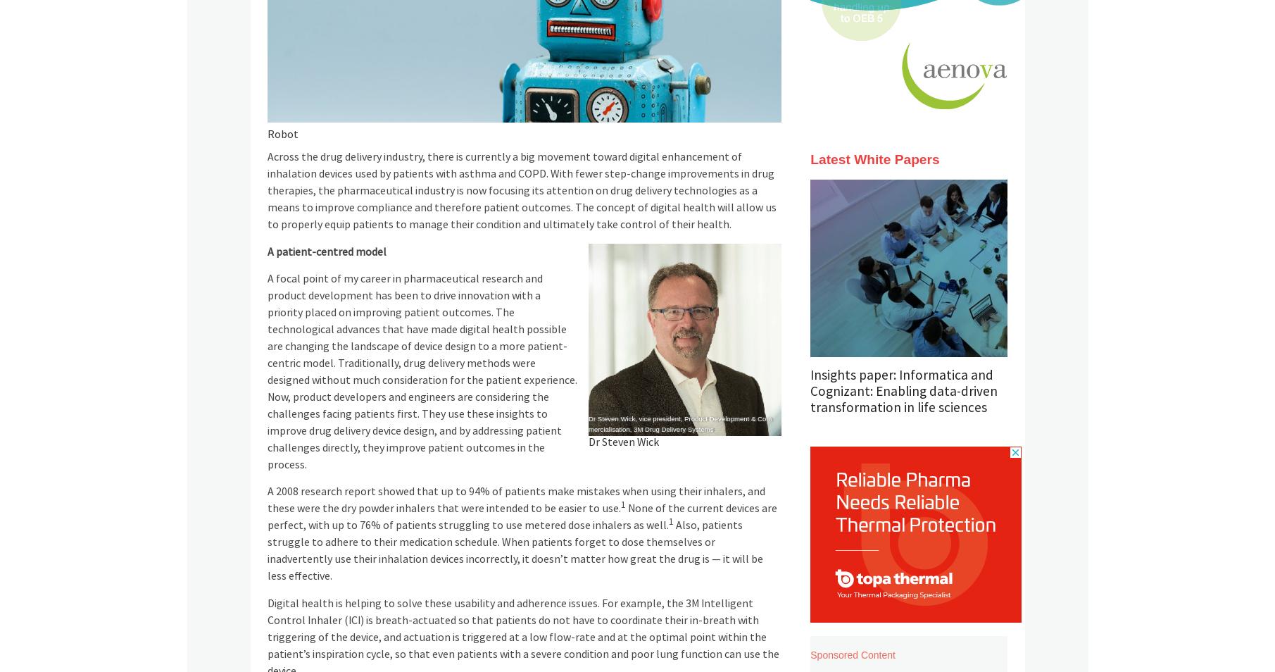  Describe the element at coordinates (266, 517) in the screenshot. I see `'None of the current devices are perfect, with up to 76% of patients struggling to use metered dose inhalers as well.'` at that location.